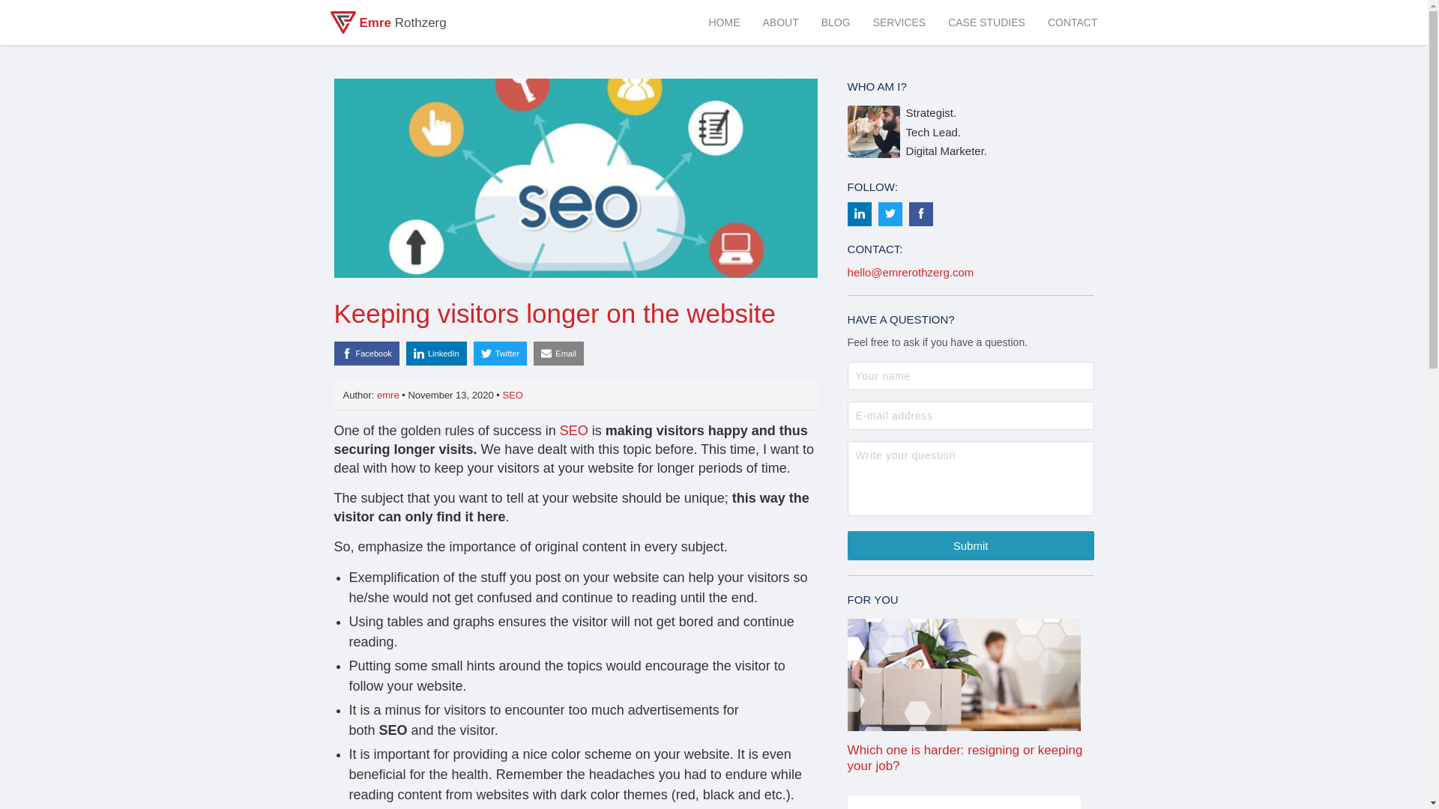 The image size is (1439, 809). What do you see at coordinates (899, 22) in the screenshot?
I see `'SERVICES'` at bounding box center [899, 22].